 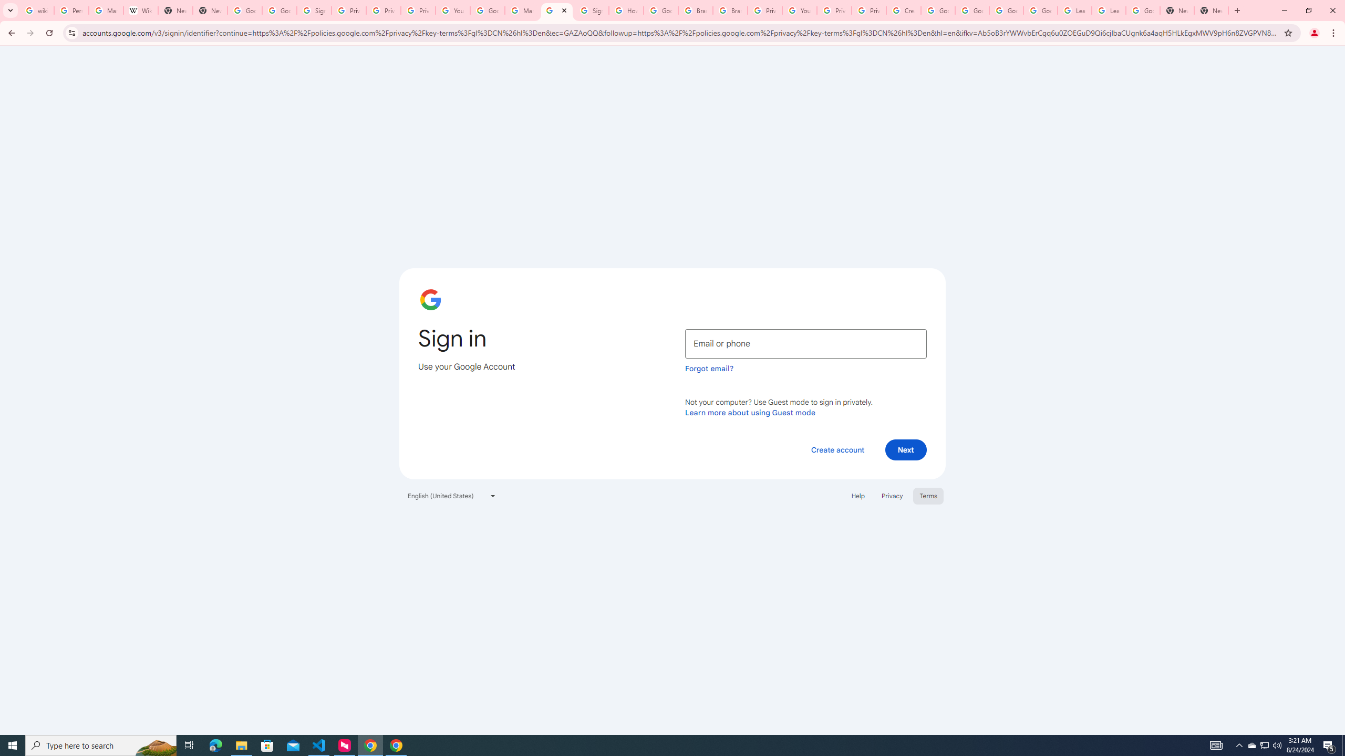 What do you see at coordinates (805, 343) in the screenshot?
I see `'Email or phone'` at bounding box center [805, 343].